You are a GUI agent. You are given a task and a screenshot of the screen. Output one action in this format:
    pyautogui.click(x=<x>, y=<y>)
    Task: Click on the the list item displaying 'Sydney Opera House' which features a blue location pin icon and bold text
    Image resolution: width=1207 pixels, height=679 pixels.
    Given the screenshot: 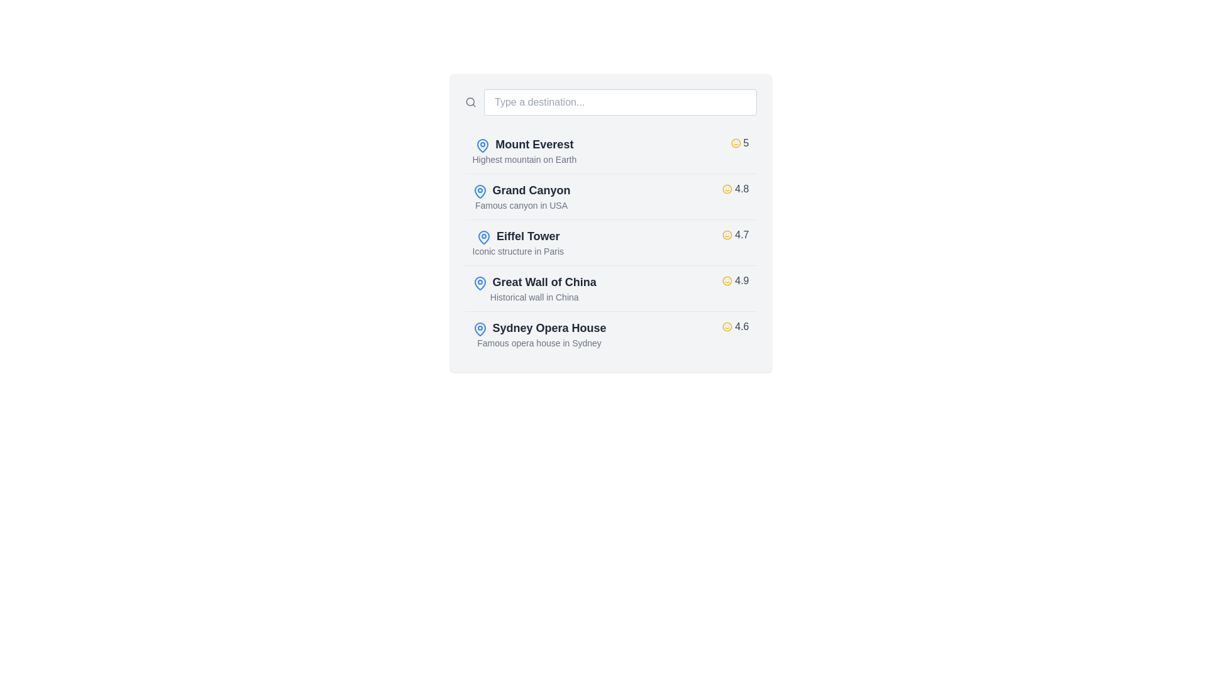 What is the action you would take?
    pyautogui.click(x=539, y=334)
    